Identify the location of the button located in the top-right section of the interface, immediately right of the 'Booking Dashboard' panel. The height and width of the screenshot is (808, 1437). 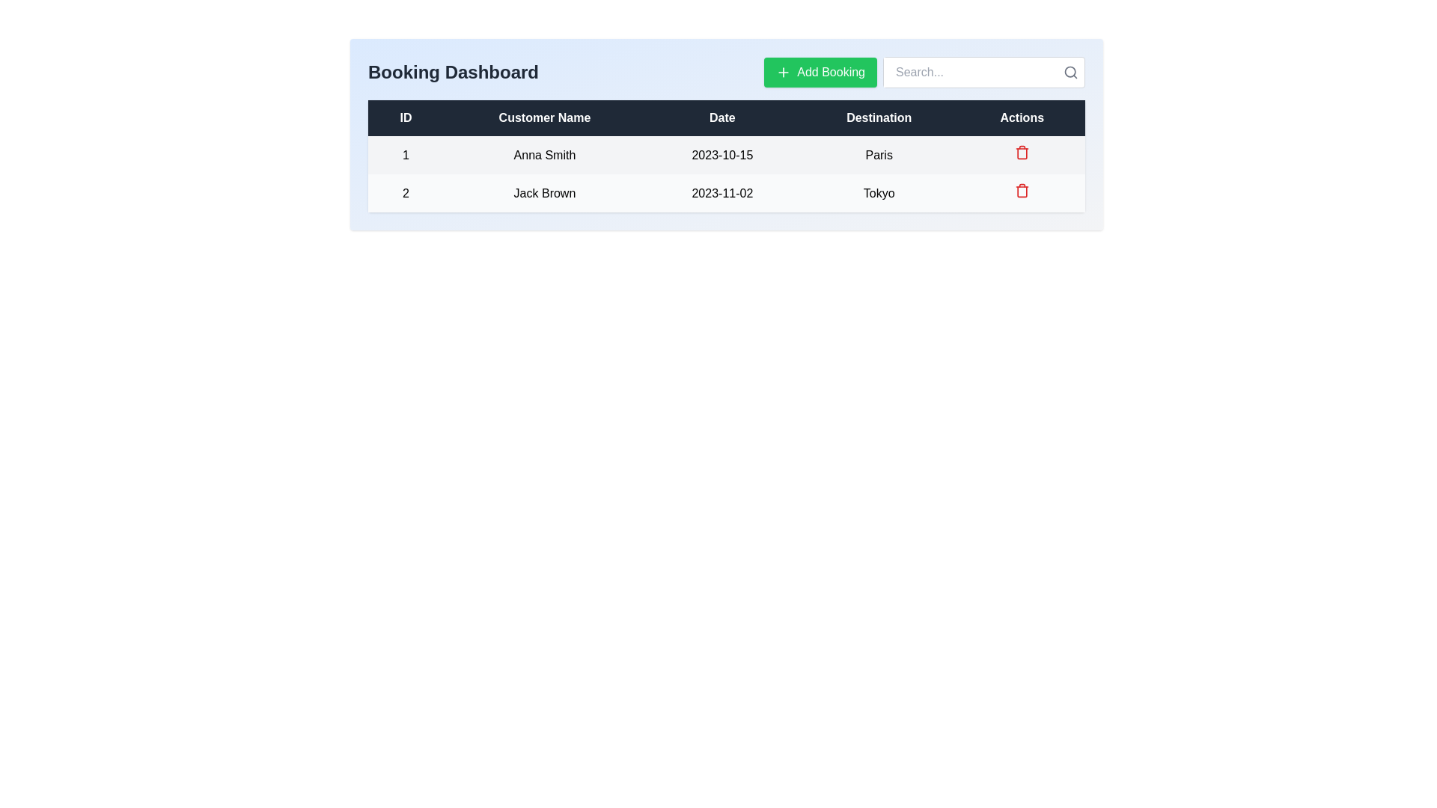
(820, 72).